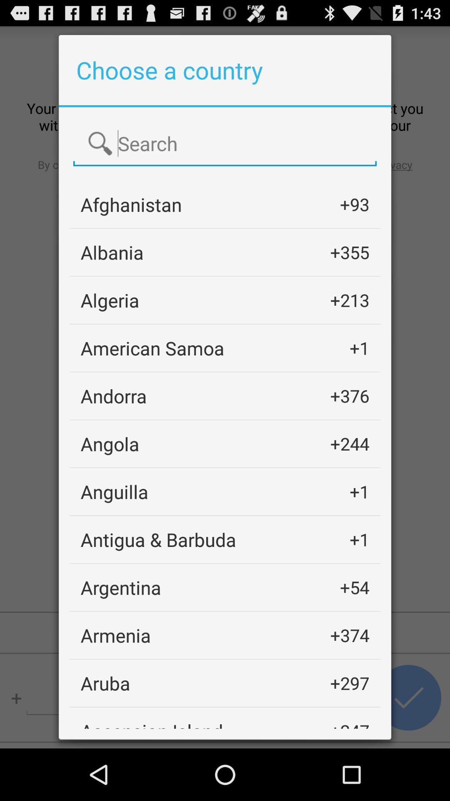  I want to click on algeria, so click(109, 300).